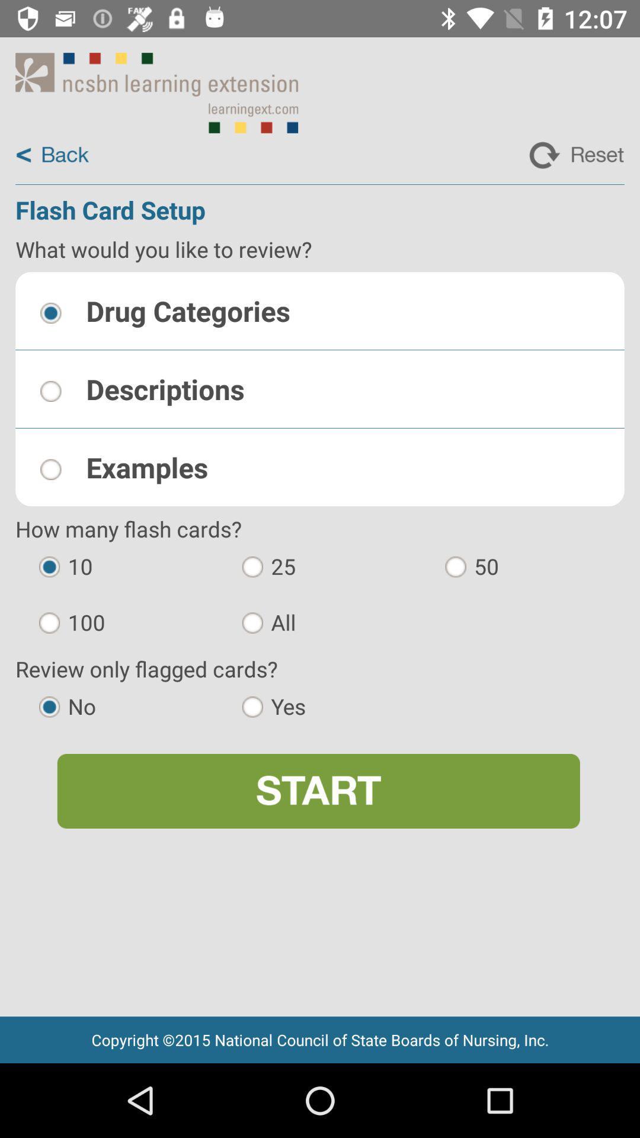  What do you see at coordinates (52, 155) in the screenshot?
I see `the previous` at bounding box center [52, 155].